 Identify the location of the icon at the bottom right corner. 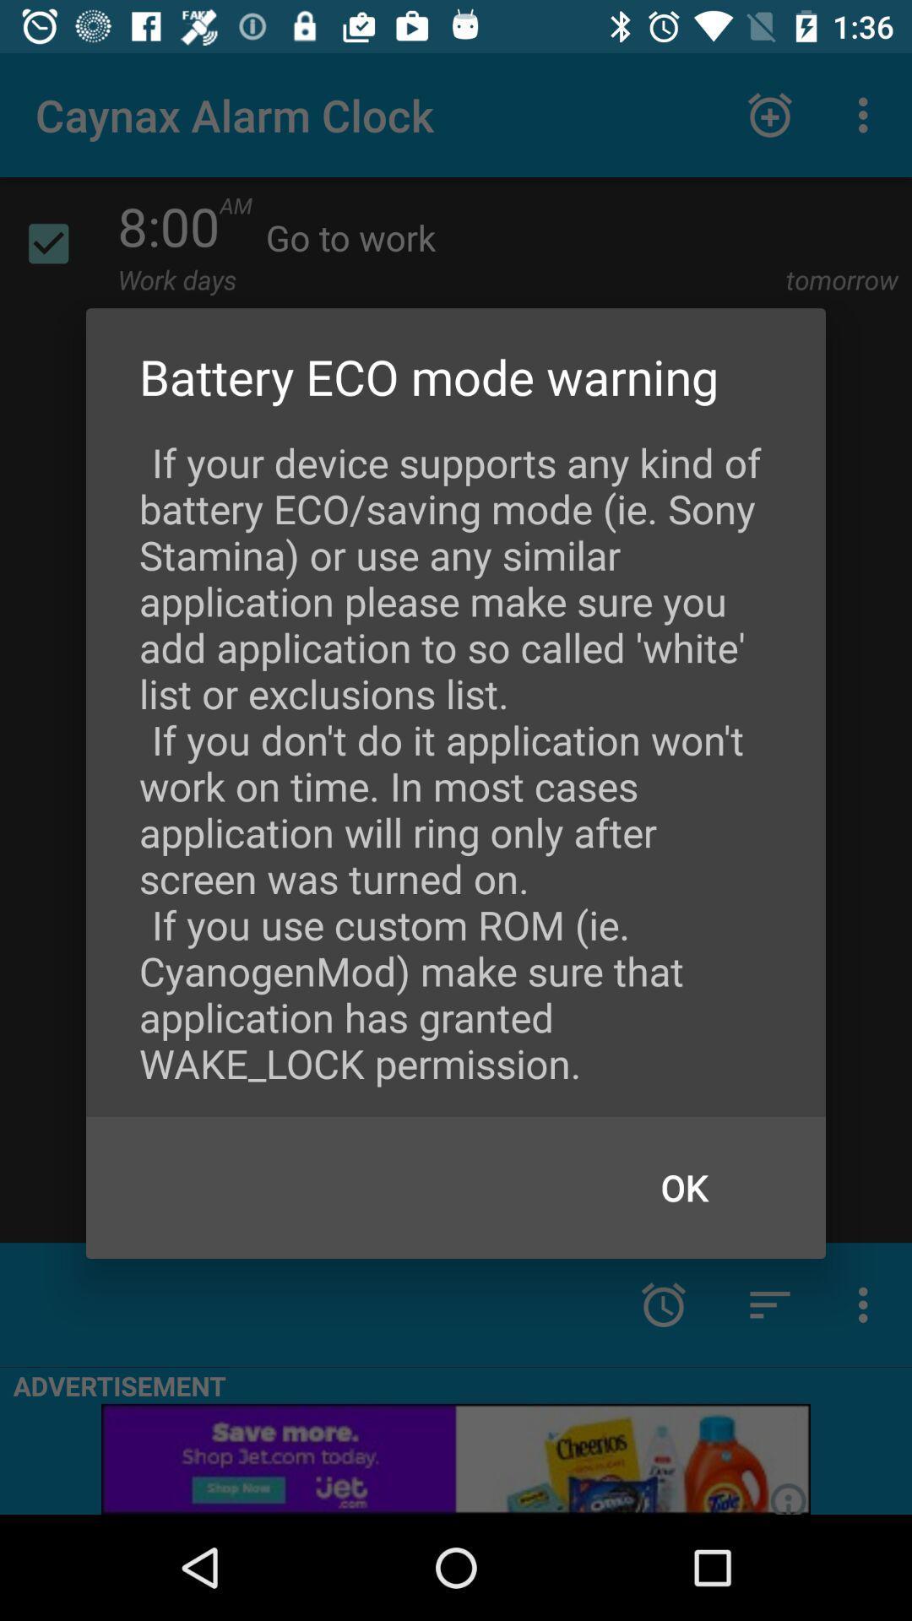
(684, 1186).